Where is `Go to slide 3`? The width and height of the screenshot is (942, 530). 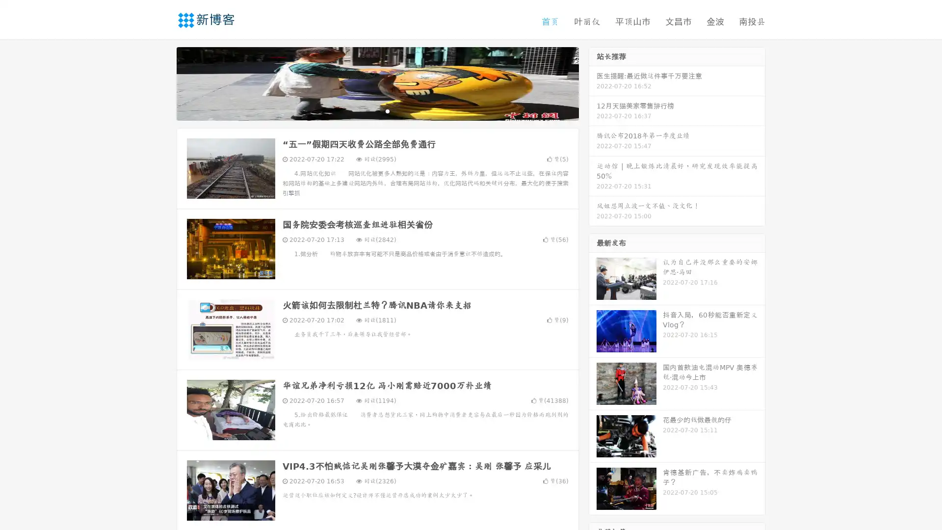 Go to slide 3 is located at coordinates (387, 110).